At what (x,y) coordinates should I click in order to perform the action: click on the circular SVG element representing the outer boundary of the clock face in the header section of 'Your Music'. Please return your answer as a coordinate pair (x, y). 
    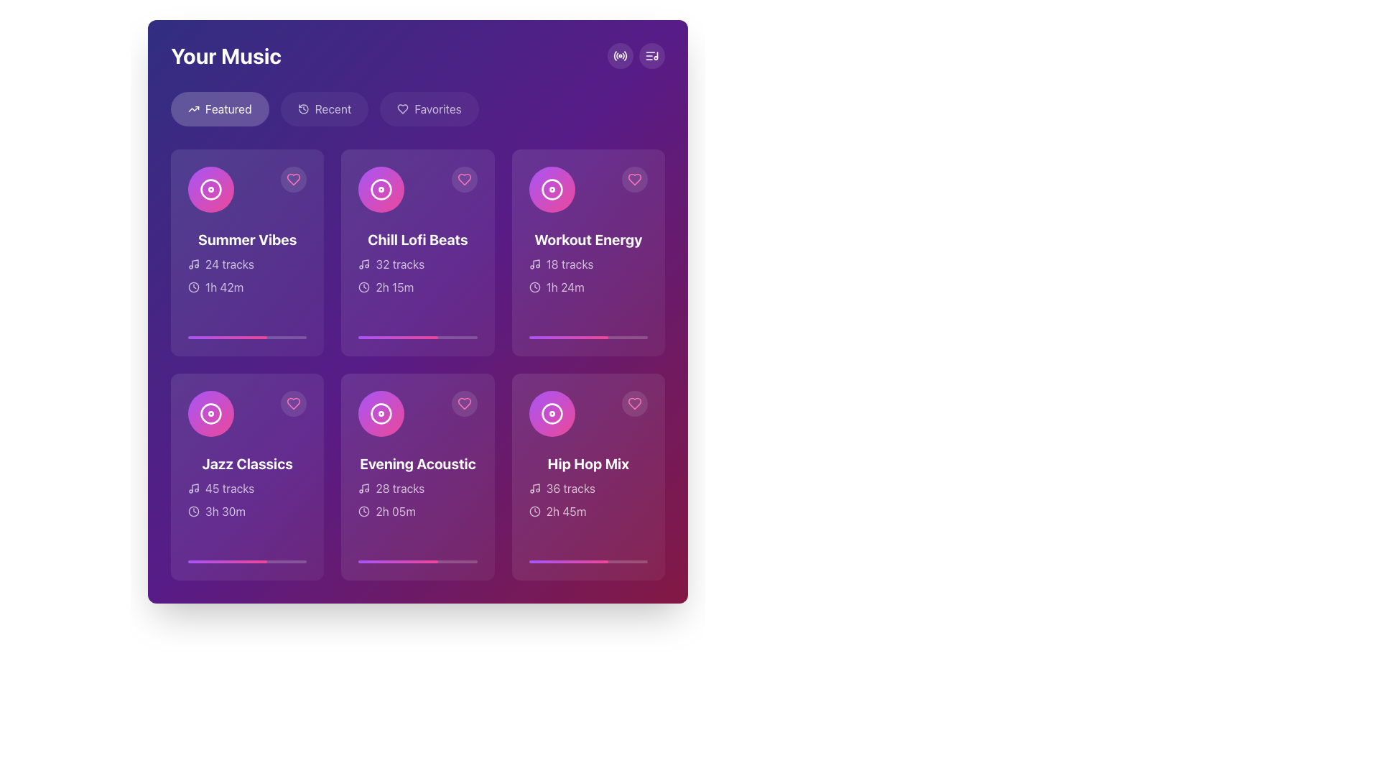
    Looking at the image, I should click on (192, 287).